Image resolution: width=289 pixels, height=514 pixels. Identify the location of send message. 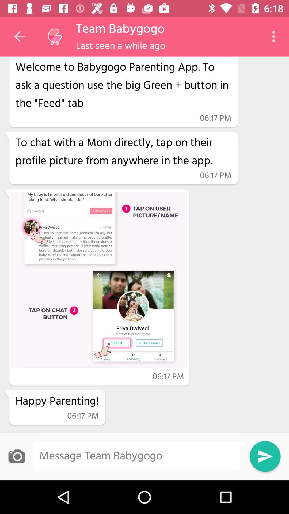
(265, 456).